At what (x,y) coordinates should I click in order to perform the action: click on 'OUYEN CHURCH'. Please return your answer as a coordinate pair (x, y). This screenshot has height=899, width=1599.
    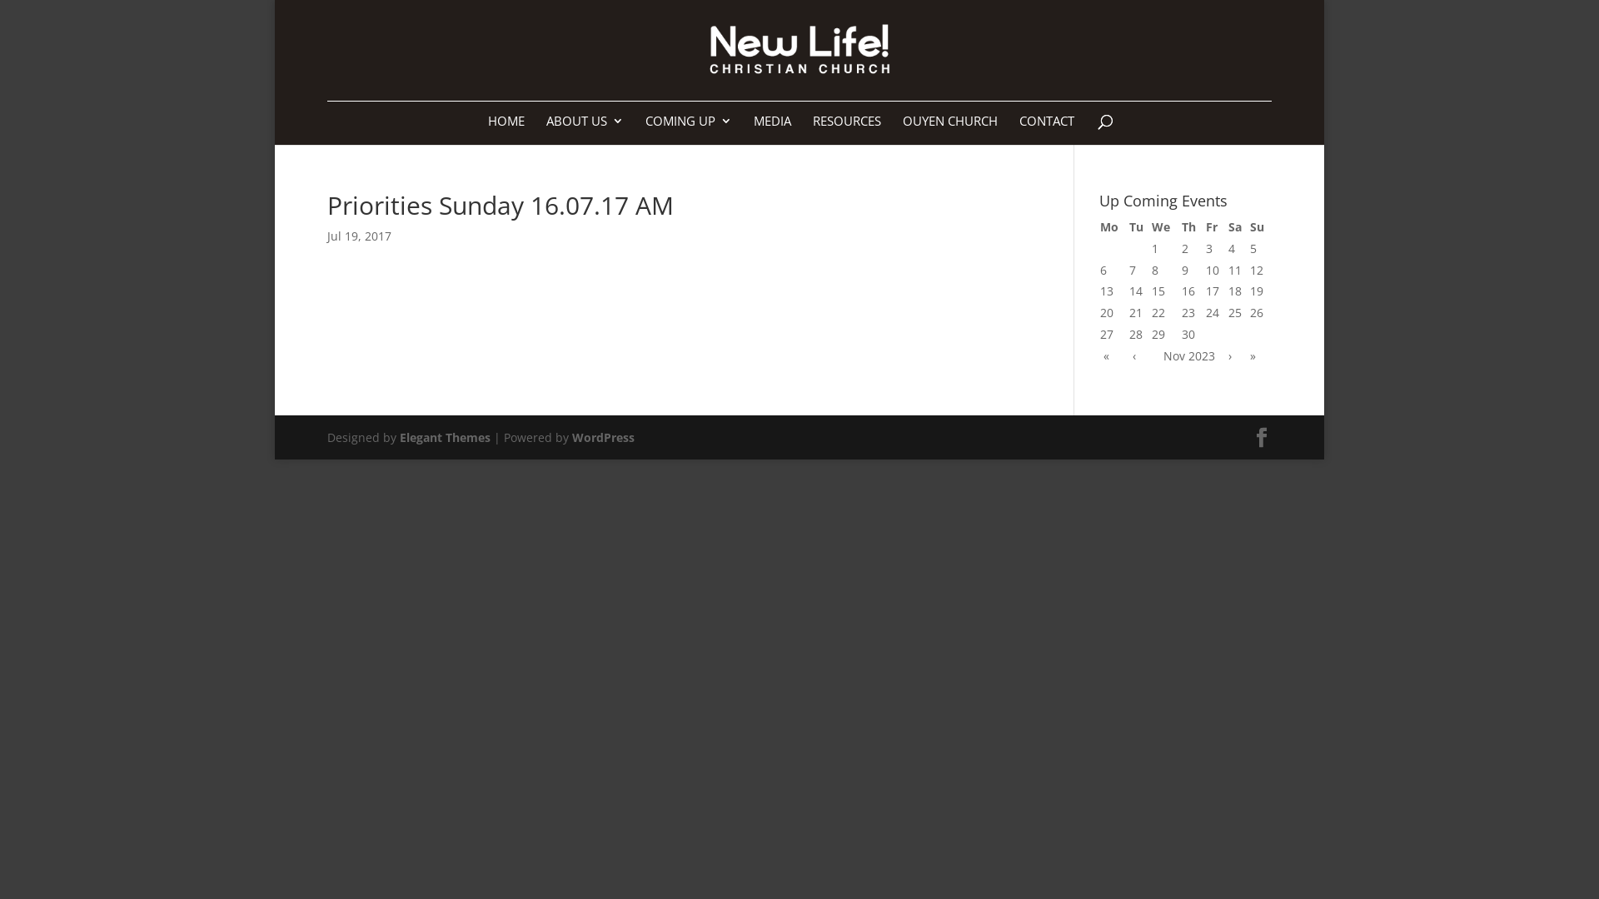
    Looking at the image, I should click on (950, 128).